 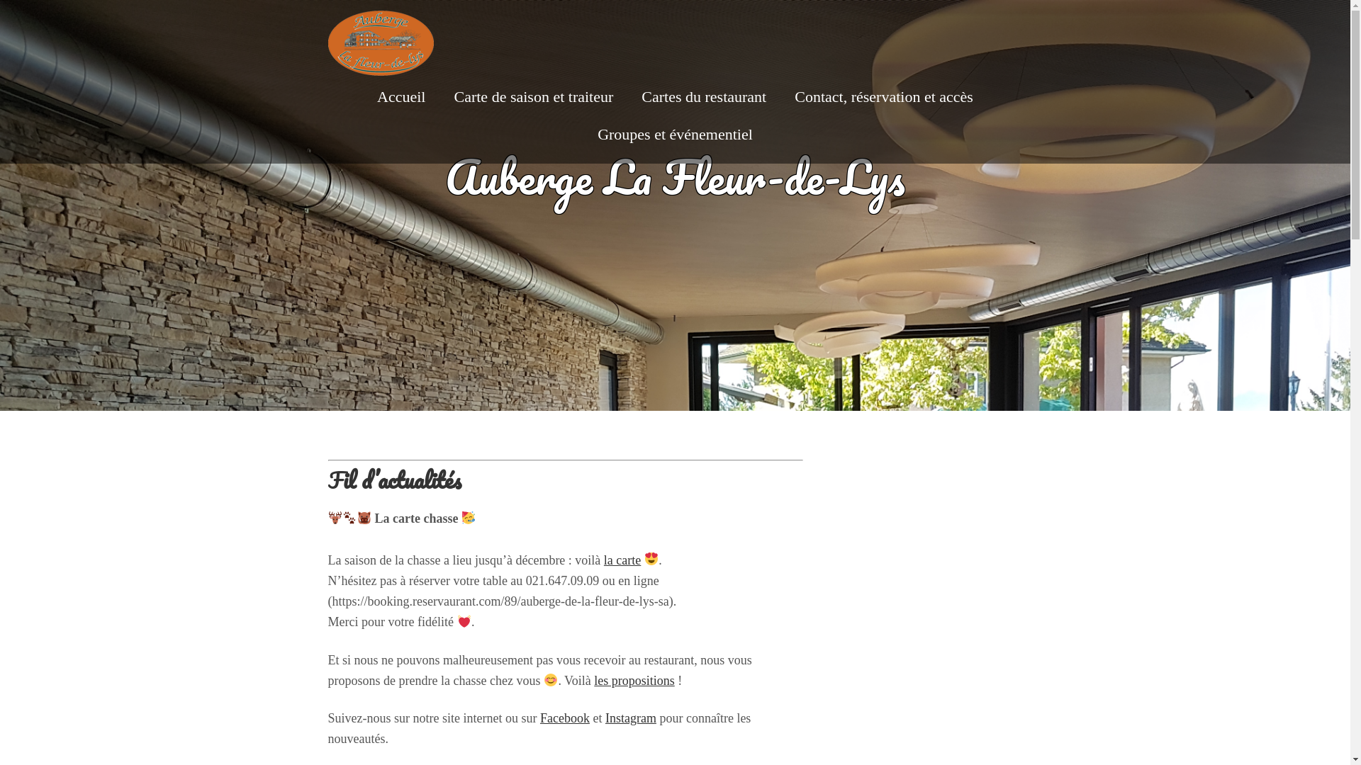 What do you see at coordinates (633, 679) in the screenshot?
I see `'les propositions'` at bounding box center [633, 679].